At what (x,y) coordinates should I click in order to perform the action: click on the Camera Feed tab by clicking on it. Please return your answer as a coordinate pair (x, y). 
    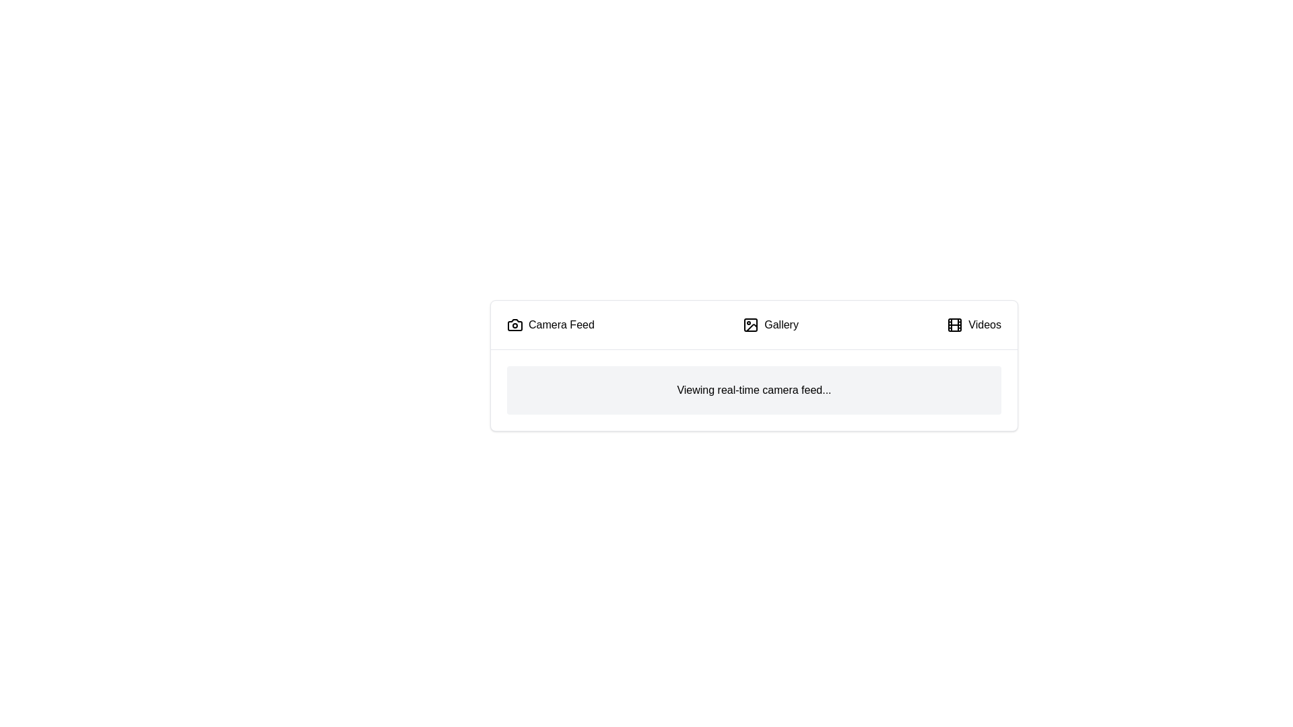
    Looking at the image, I should click on (550, 324).